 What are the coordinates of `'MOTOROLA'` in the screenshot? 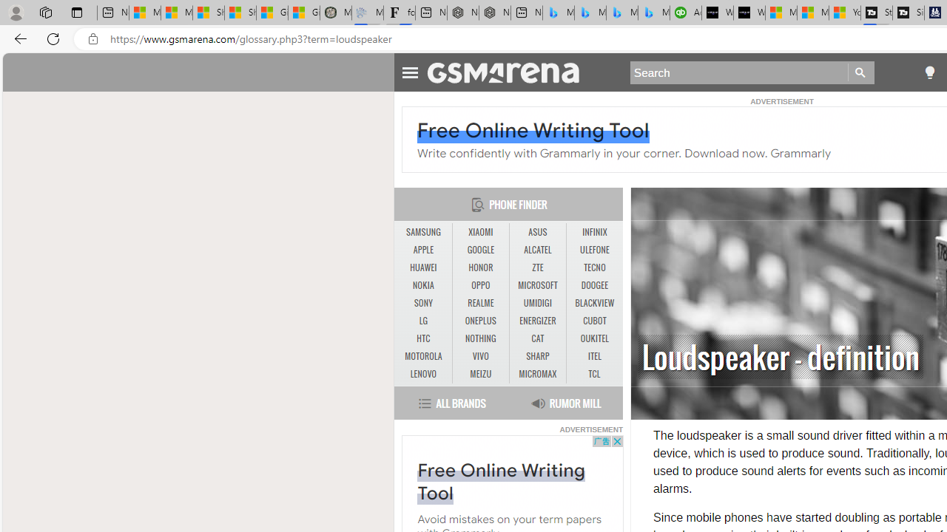 It's located at (422, 357).